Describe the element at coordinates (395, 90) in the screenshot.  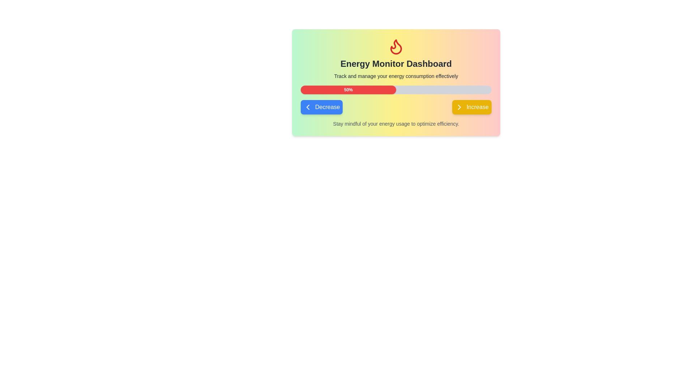
I see `the progress bar that has rounded edges, a gray background with a red-filled portion indicating 50% progress and displaying '50%' in white bold font` at that location.